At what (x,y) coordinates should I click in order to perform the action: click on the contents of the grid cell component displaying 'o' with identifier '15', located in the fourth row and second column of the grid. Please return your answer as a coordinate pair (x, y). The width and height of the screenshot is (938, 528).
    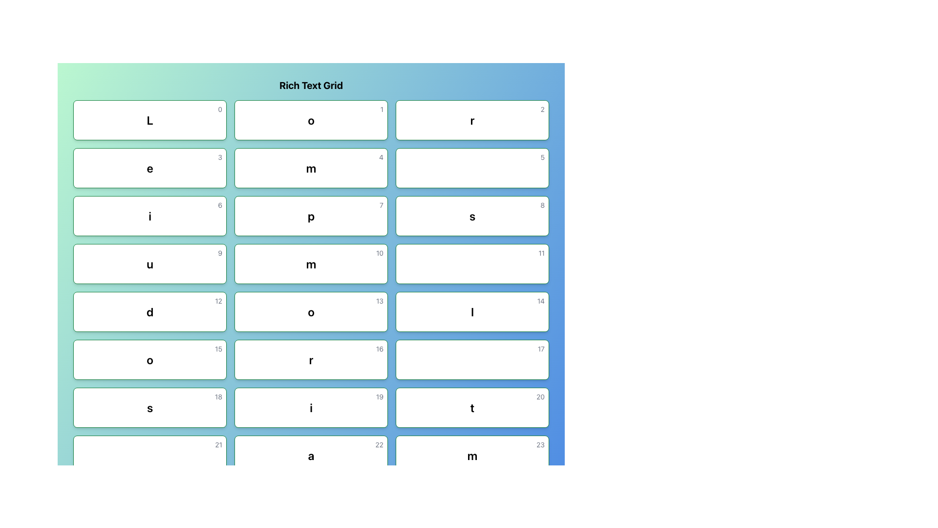
    Looking at the image, I should click on (149, 360).